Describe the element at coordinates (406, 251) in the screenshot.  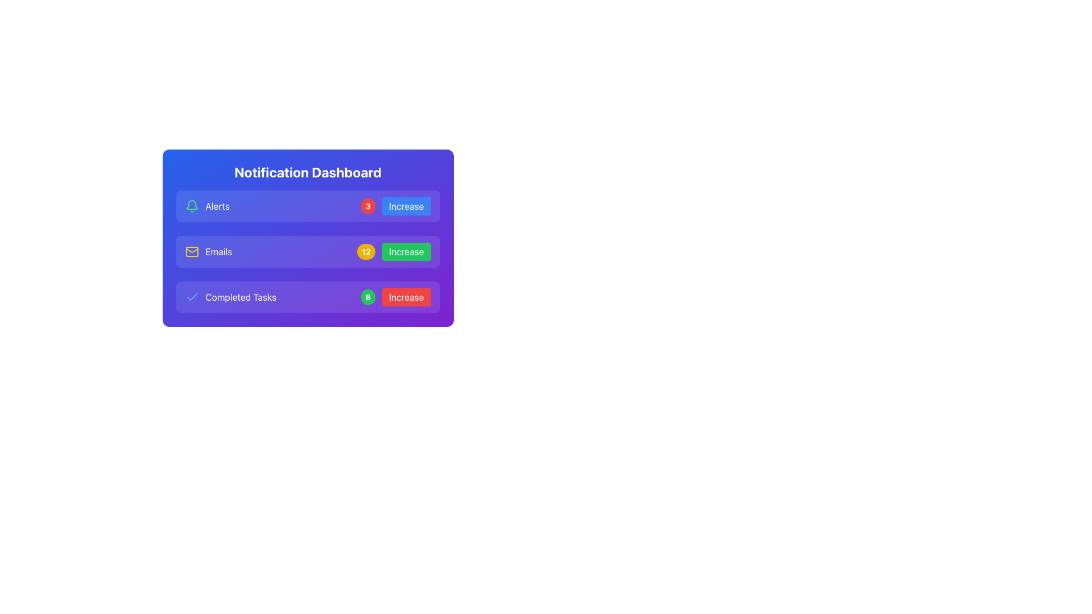
I see `the button to the right of the yellow badge labeled '12' in the 'Emails' entry of the 'Notification Dashboard' table` at that location.